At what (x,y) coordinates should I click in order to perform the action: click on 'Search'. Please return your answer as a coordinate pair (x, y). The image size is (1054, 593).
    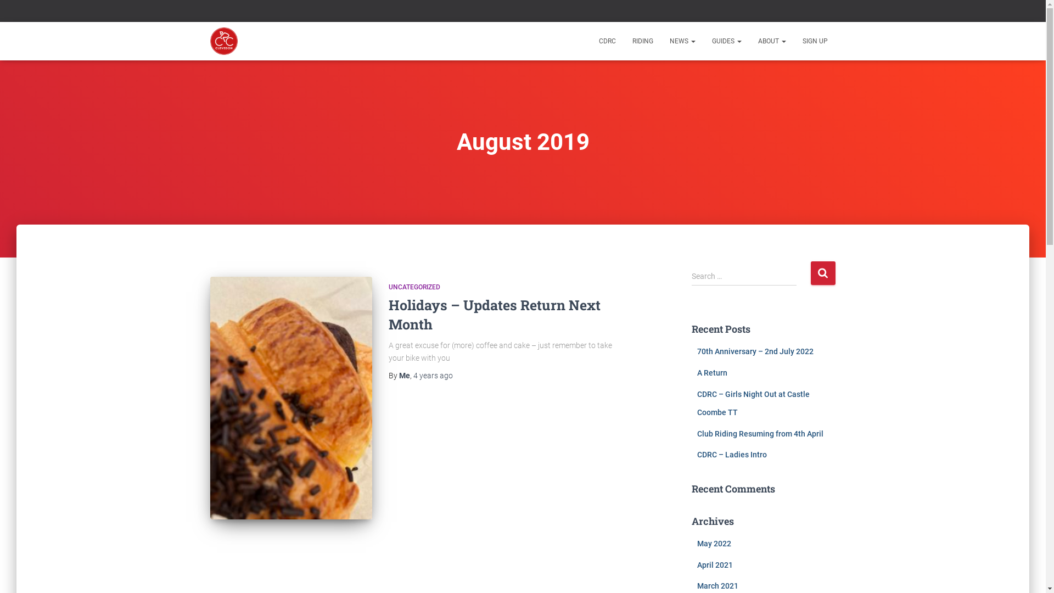
    Looking at the image, I should click on (810, 272).